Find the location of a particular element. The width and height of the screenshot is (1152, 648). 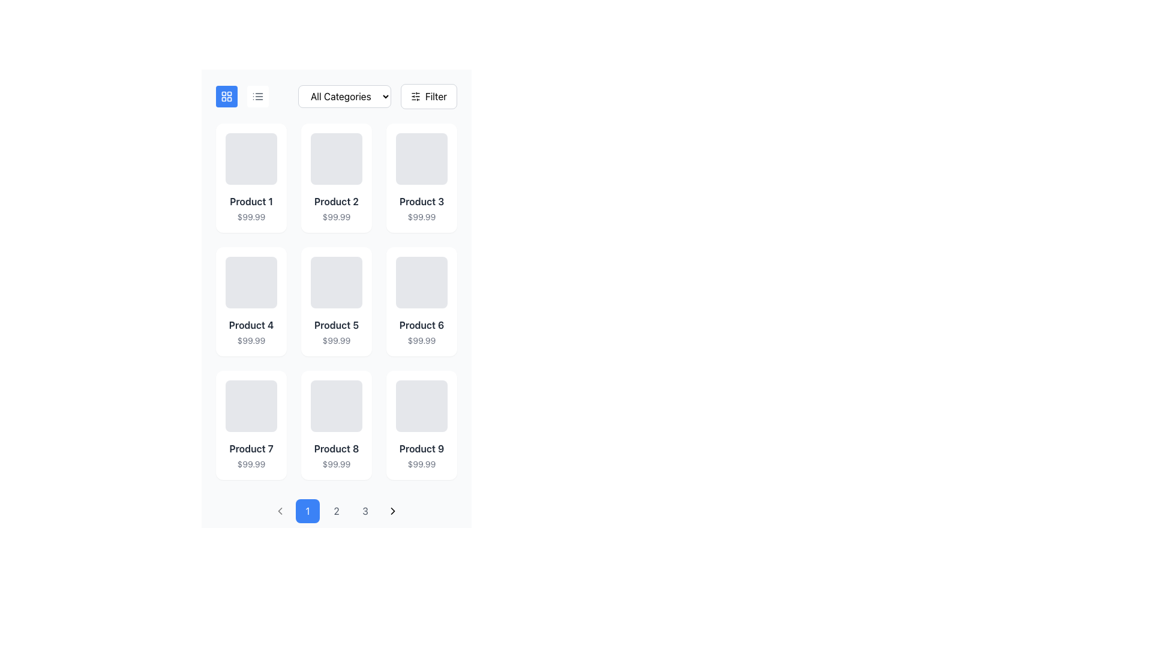

the small, square-shaped blue button with rounded corners that contains a grid layout icon is located at coordinates (227, 96).